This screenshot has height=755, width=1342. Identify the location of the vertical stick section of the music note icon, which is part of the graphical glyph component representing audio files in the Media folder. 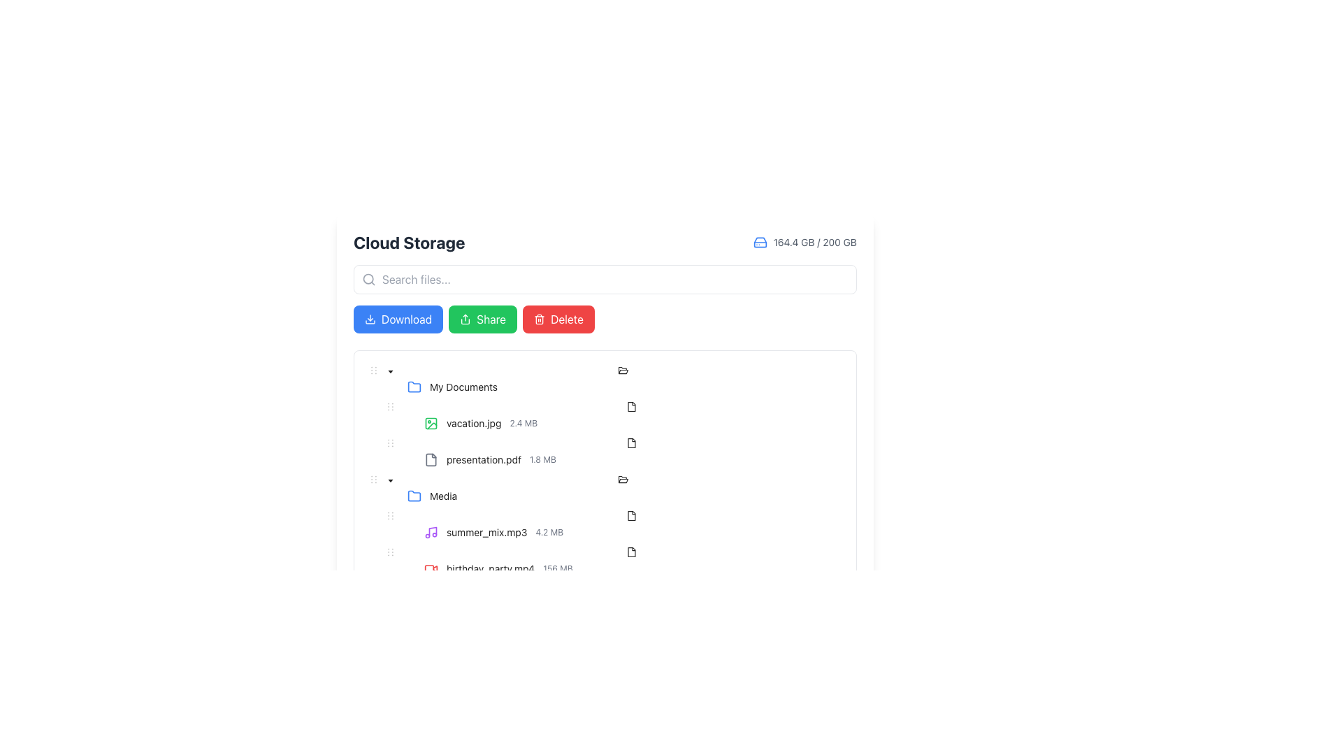
(432, 531).